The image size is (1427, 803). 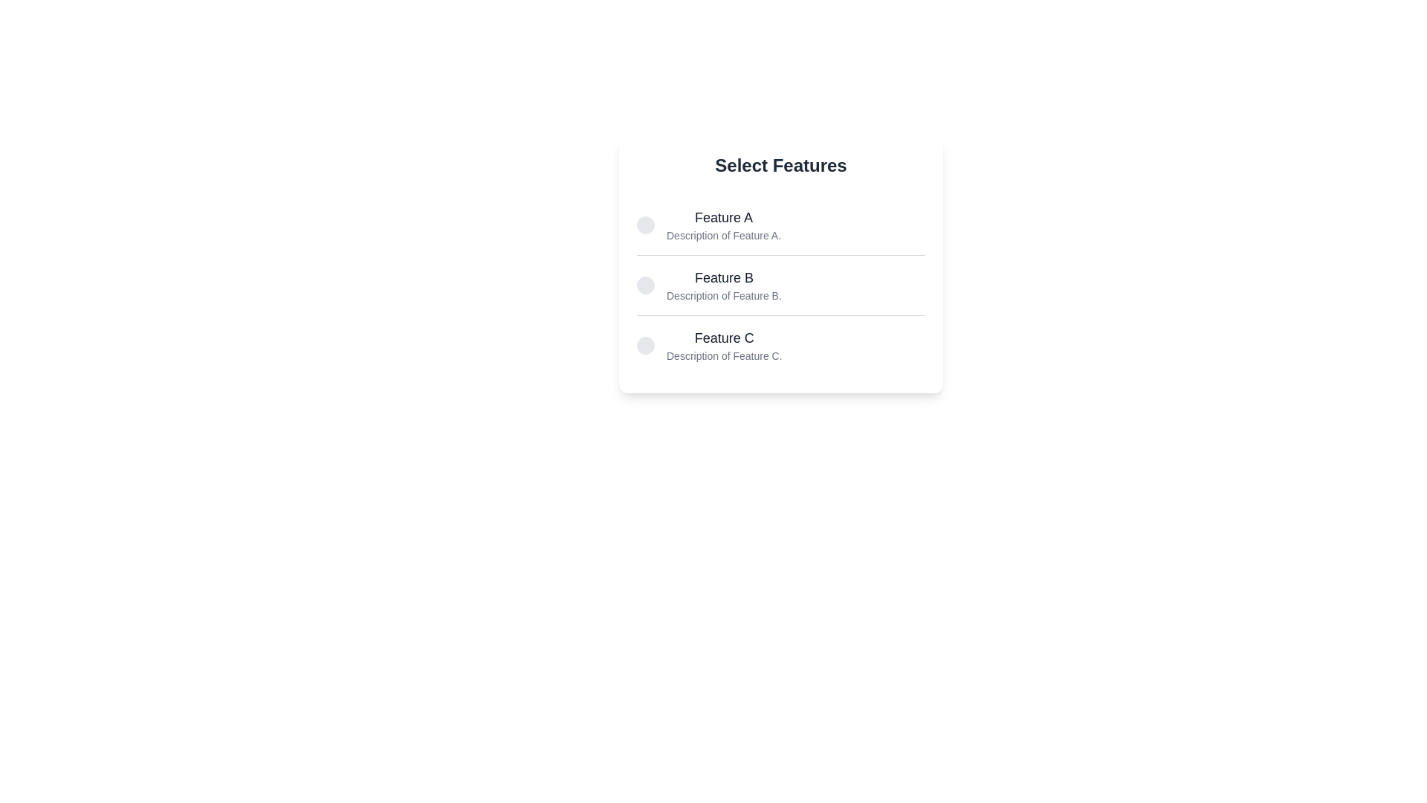 What do you see at coordinates (724, 355) in the screenshot?
I see `the text label displaying 'Description of Feature C.' which is located under the 'Feature C' heading and aligned to its left` at bounding box center [724, 355].